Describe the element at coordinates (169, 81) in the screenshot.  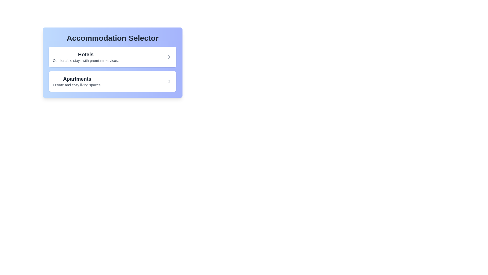
I see `the icon located in the 'Apartments' section, aligned to the far right under the 'Accommodation Selector' heading` at that location.